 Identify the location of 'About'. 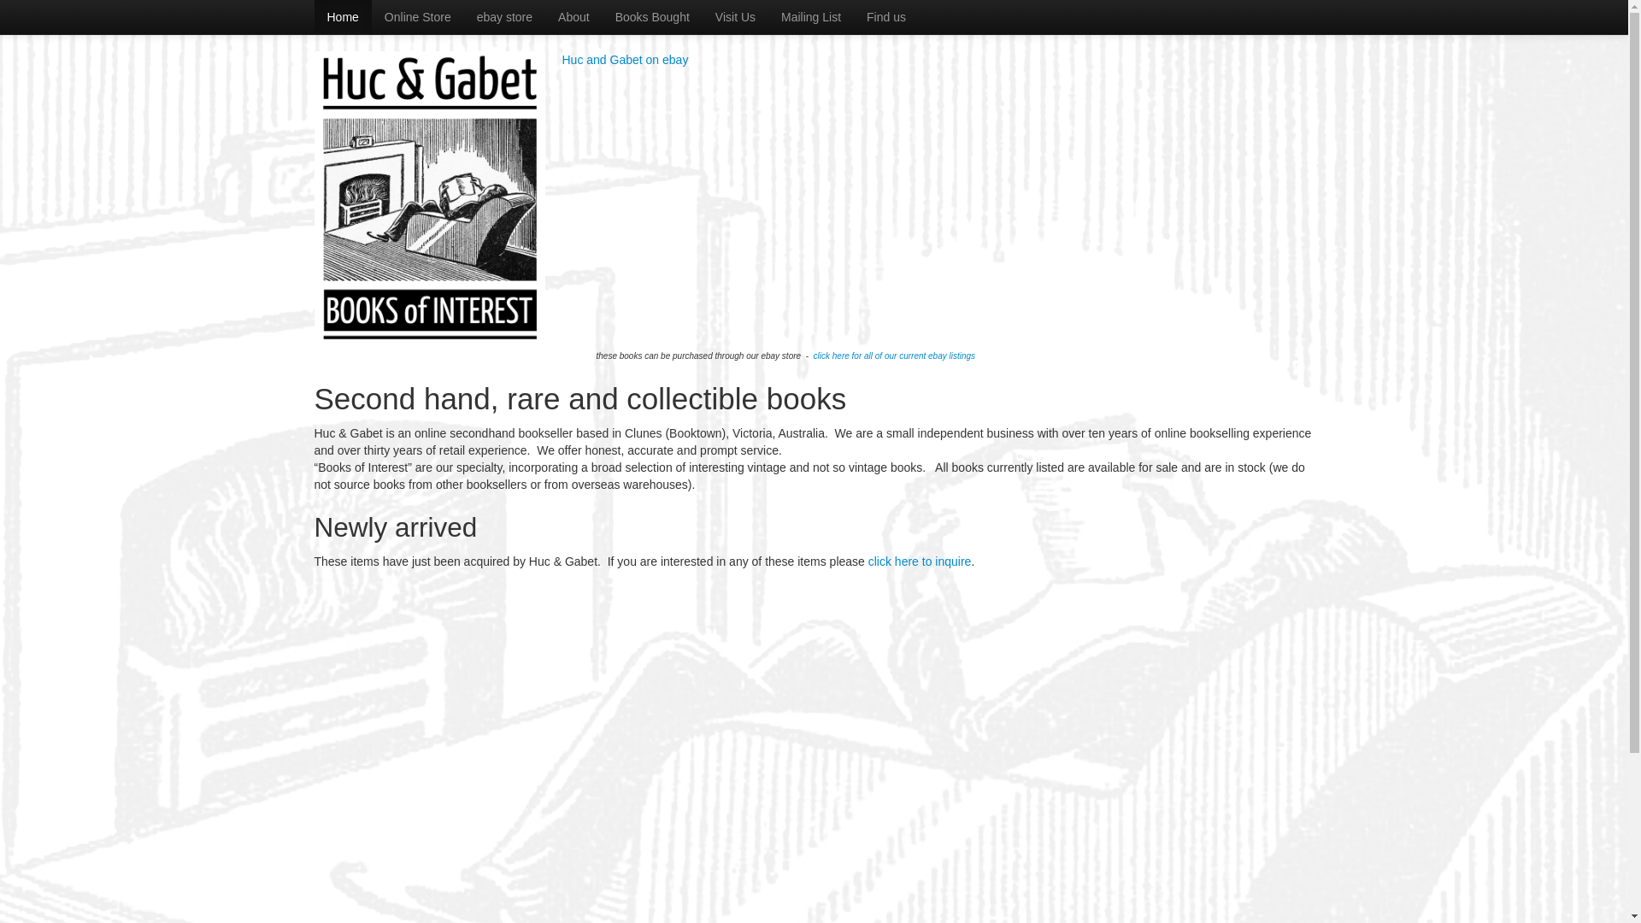
(573, 16).